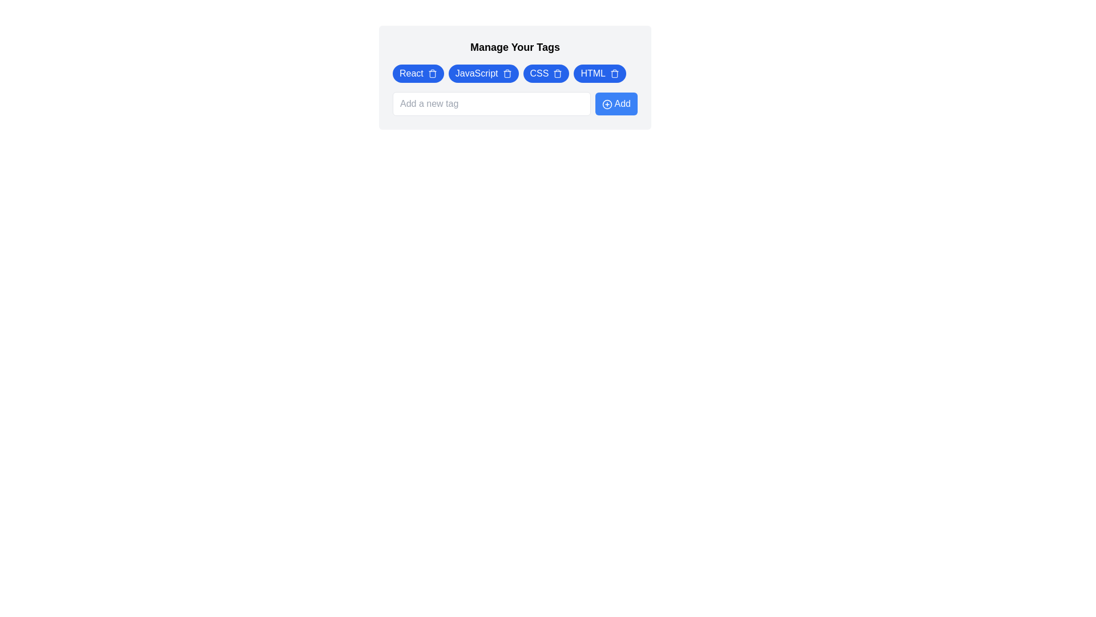 The image size is (1096, 617). I want to click on the trash bin icon, which represents deletion functionality, located near the upper-right corner of the component adjacent to the 'JavaScript' tag, so click(506, 74).